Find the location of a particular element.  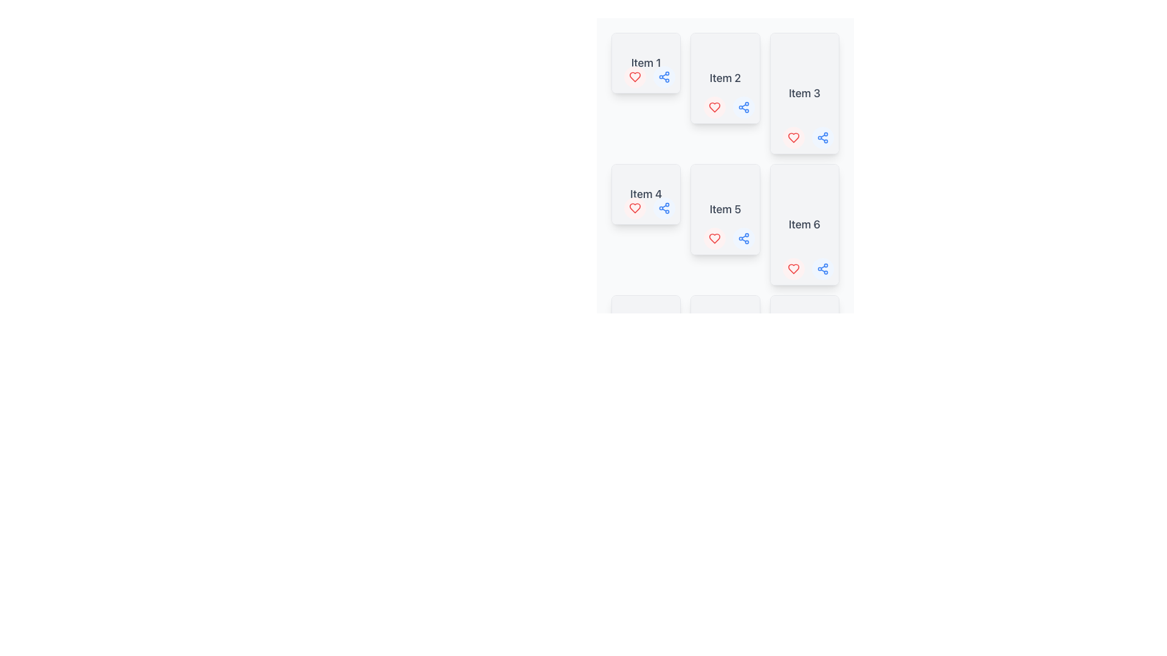

the Text Display Area containing the text 'Item 1' which has a gray background and rounded rectangle shape, positioned at the top-left corner of the grid layout is located at coordinates (645, 63).